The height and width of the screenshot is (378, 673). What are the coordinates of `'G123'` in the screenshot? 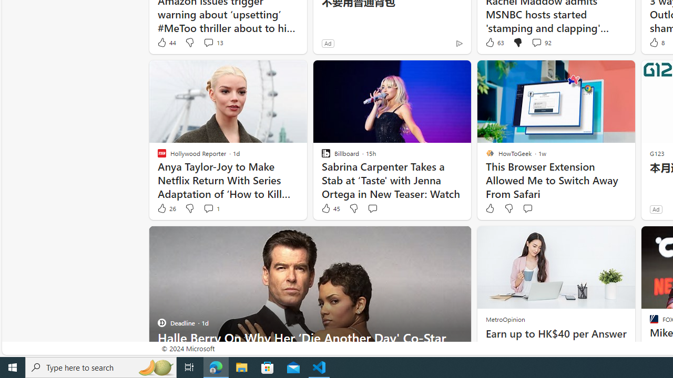 It's located at (656, 153).